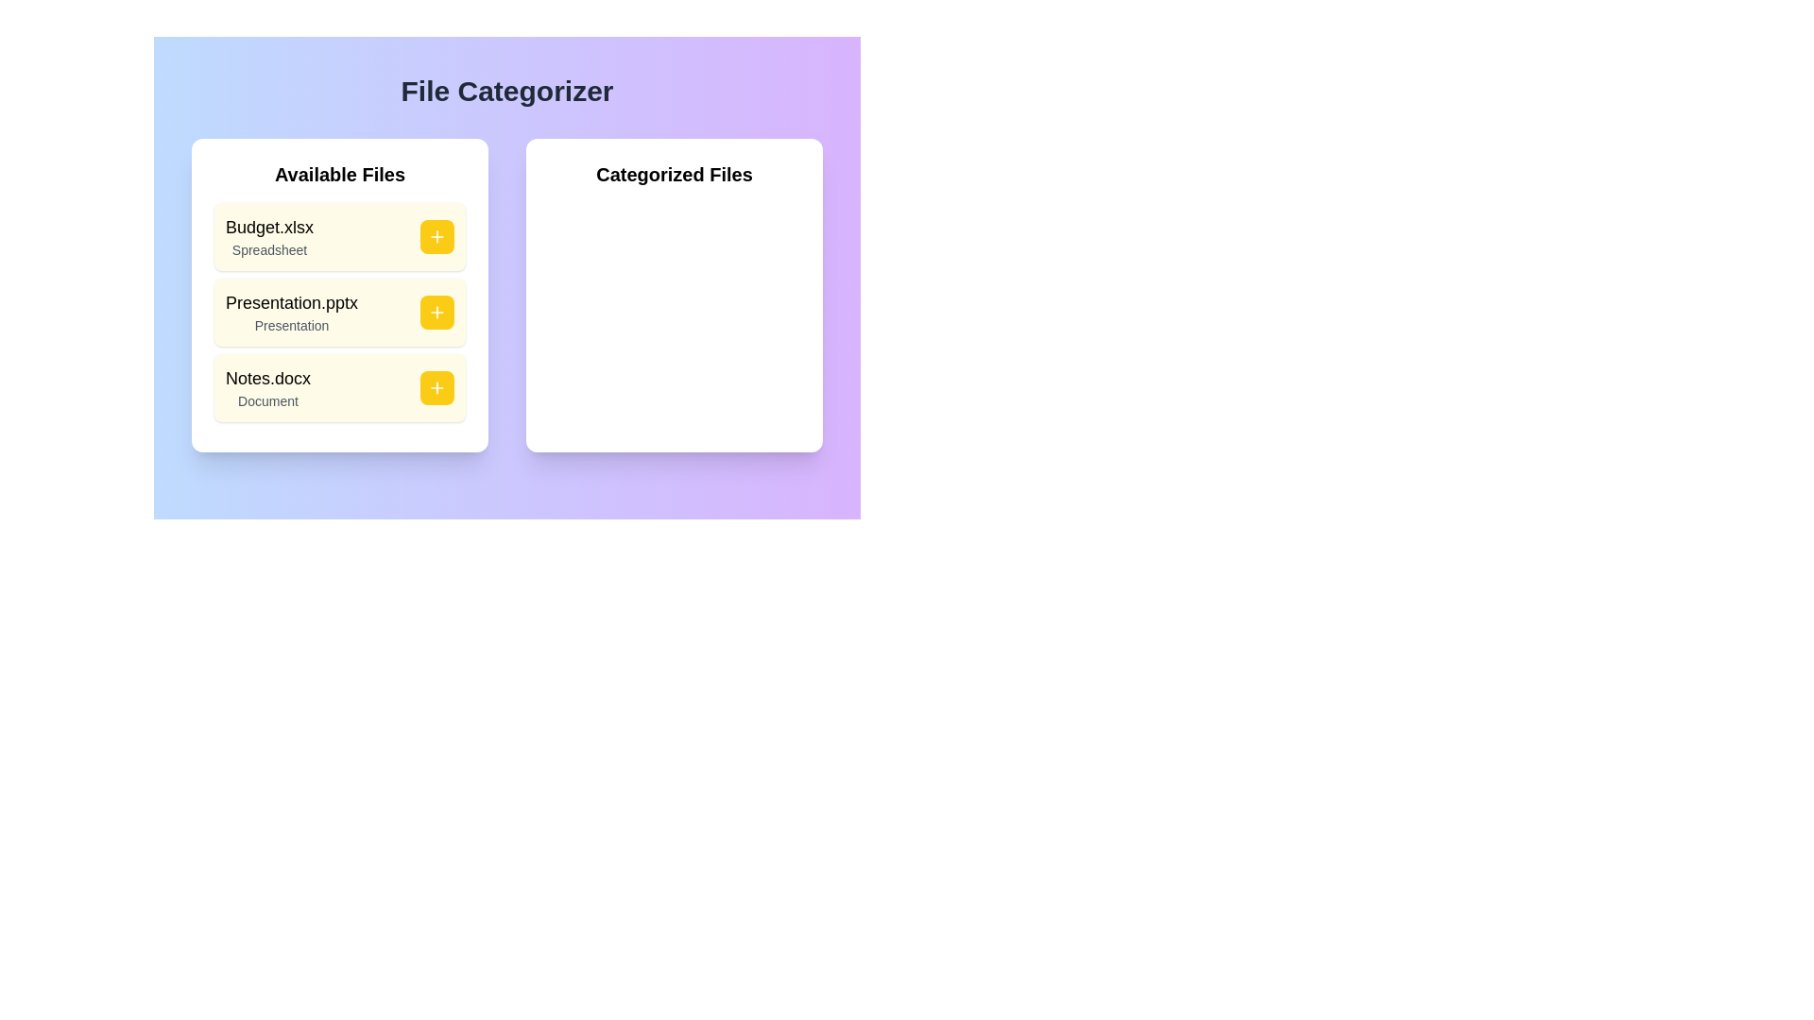 The height and width of the screenshot is (1020, 1814). What do you see at coordinates (436, 387) in the screenshot?
I see `the small white plus sign icon with a yellow circular border located in the bottom-right corner of the third row in the 'Available Files' section` at bounding box center [436, 387].